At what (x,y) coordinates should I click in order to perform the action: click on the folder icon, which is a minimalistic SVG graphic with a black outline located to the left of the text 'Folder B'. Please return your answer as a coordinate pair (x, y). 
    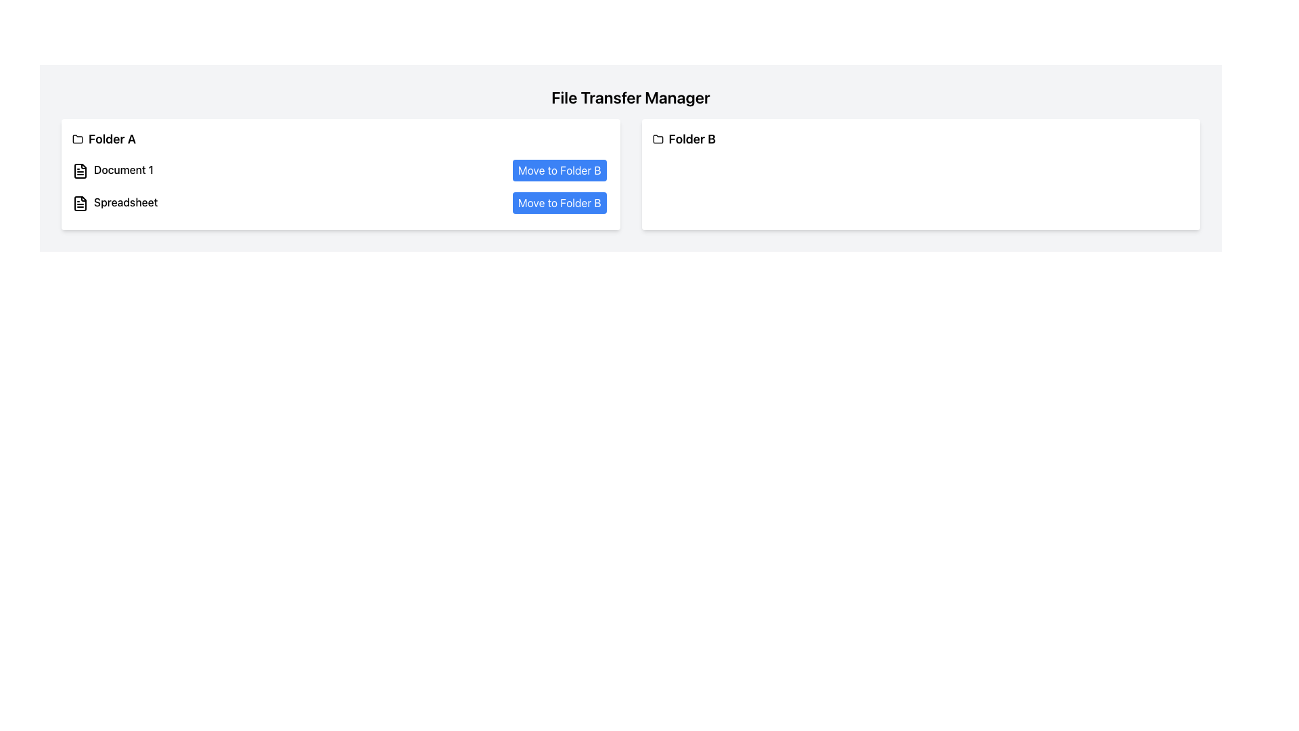
    Looking at the image, I should click on (658, 139).